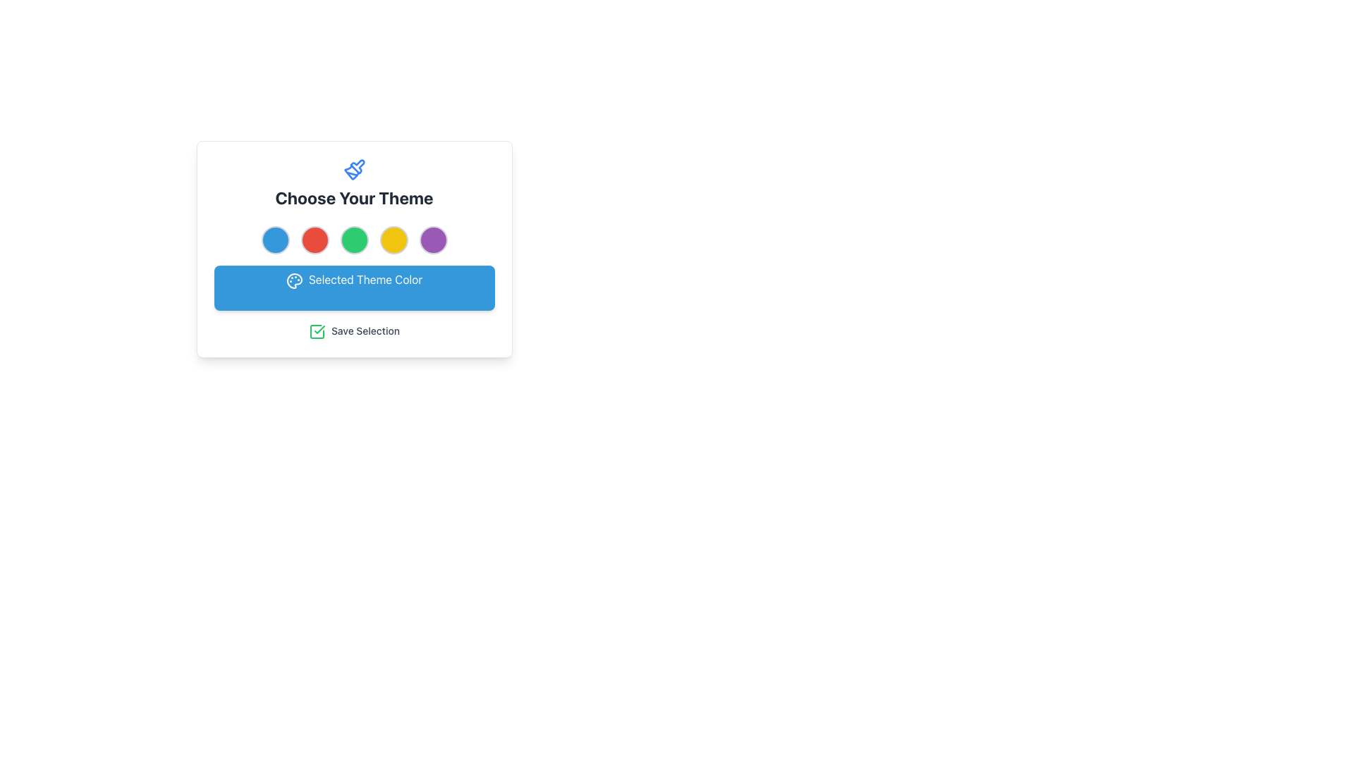 The width and height of the screenshot is (1354, 761). What do you see at coordinates (365, 330) in the screenshot?
I see `the 'Save Selection' text label, which is styled in a small-sized gray font and positioned to the right of a green checkbox icon` at bounding box center [365, 330].